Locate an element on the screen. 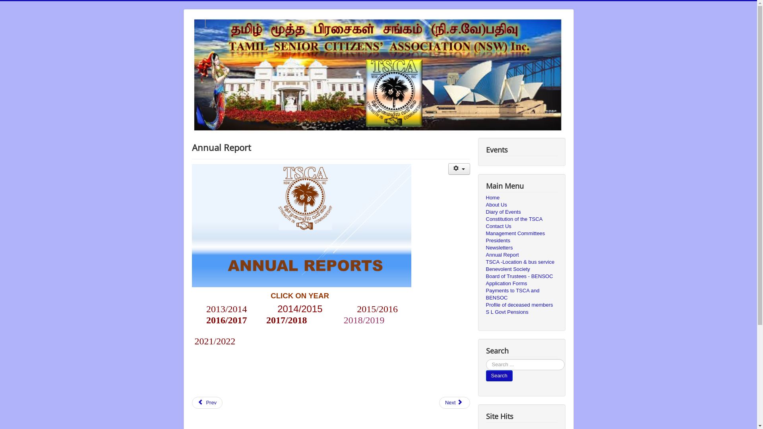 Image resolution: width=763 pixels, height=429 pixels. '2016/2017' is located at coordinates (226, 321).